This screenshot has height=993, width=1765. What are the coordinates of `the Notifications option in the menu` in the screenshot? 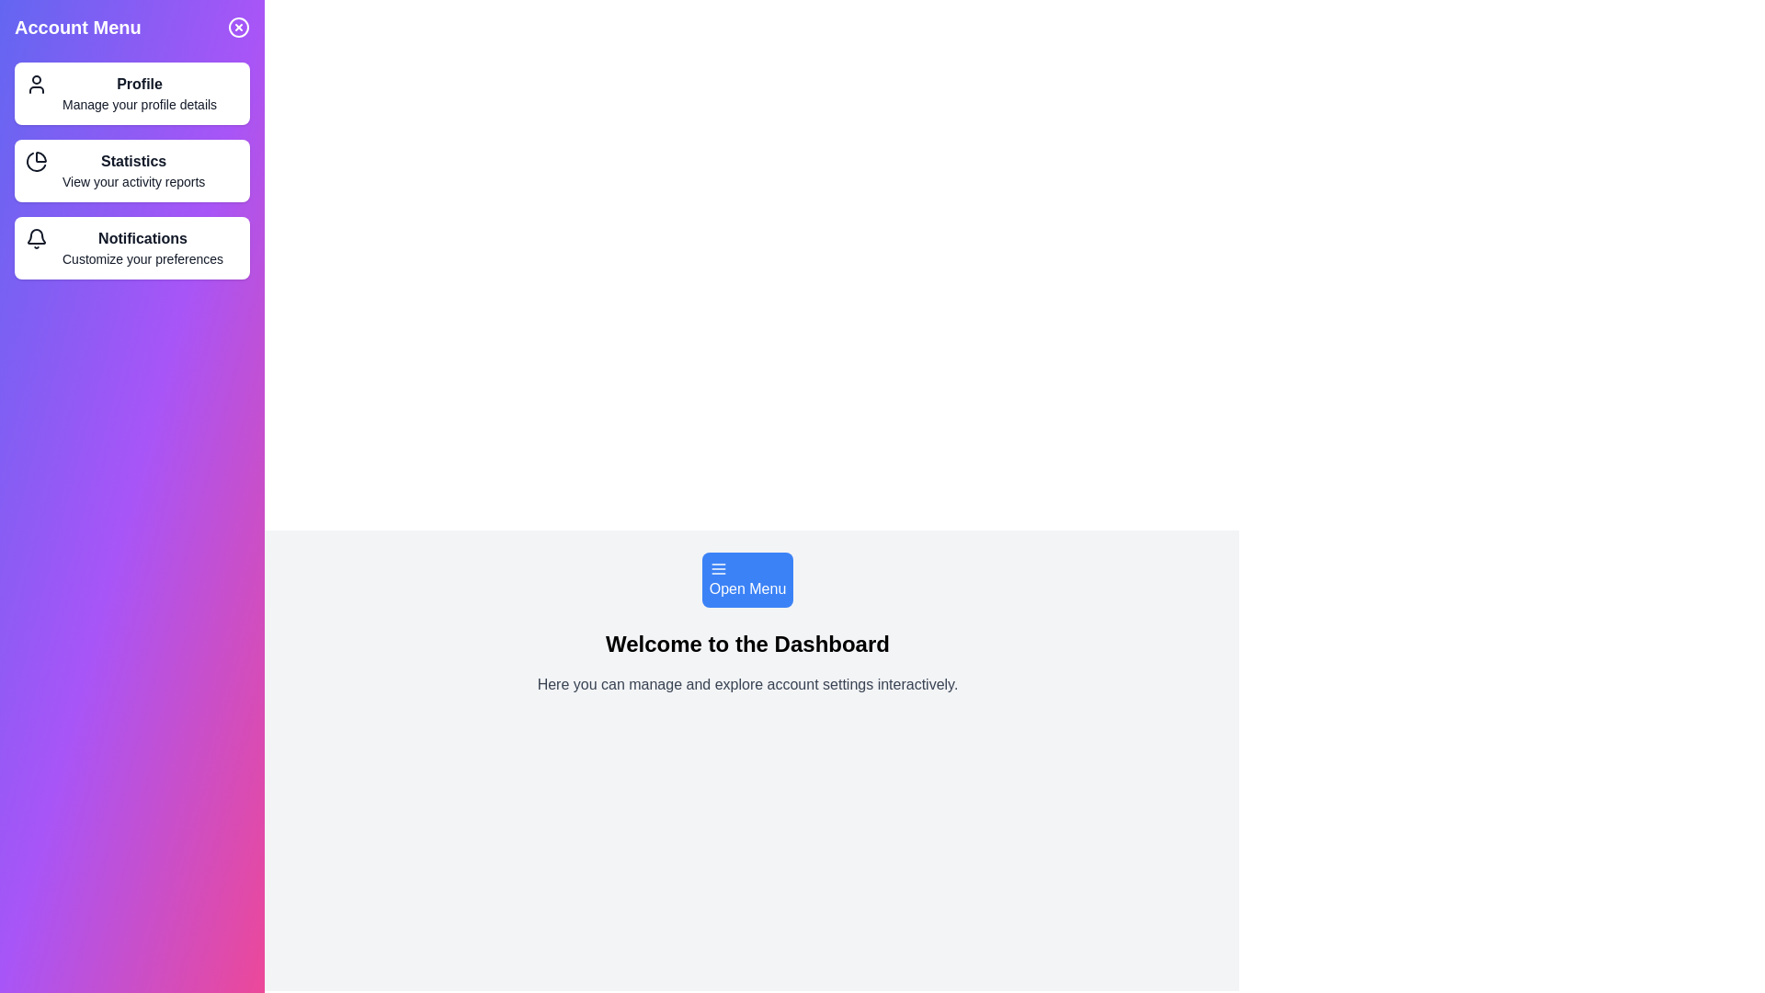 It's located at (131, 248).